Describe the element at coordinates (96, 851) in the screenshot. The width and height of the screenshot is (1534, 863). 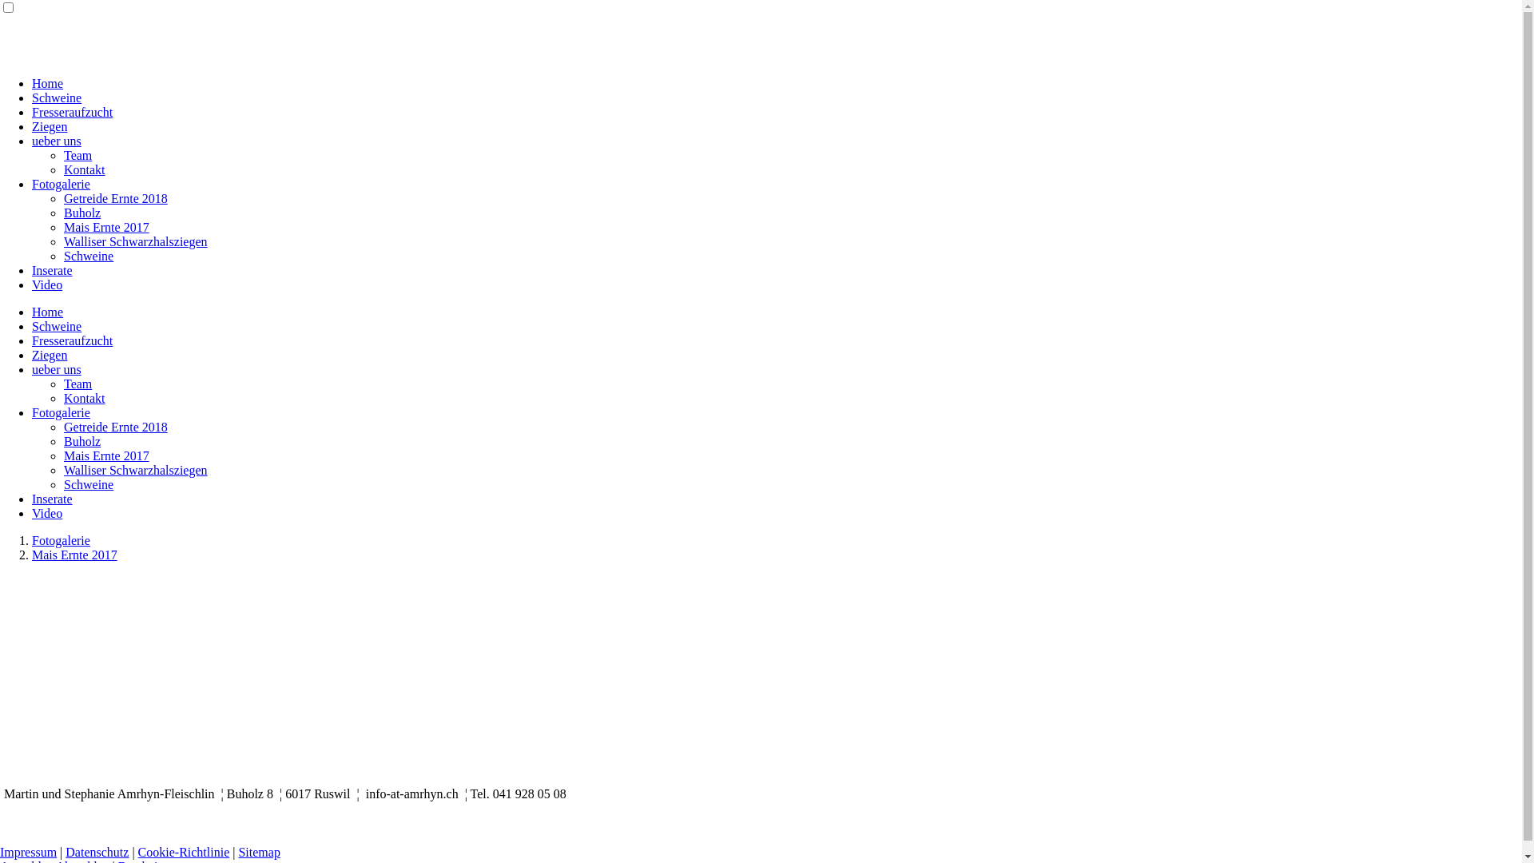
I see `'Datenschutz'` at that location.